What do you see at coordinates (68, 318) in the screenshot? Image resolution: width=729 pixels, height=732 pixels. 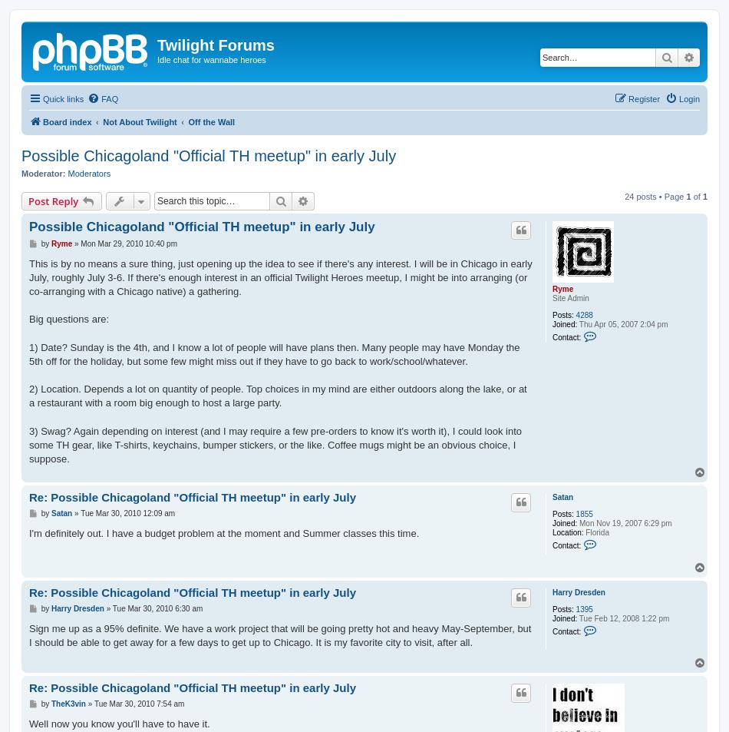 I see `'Big questions are:'` at bounding box center [68, 318].